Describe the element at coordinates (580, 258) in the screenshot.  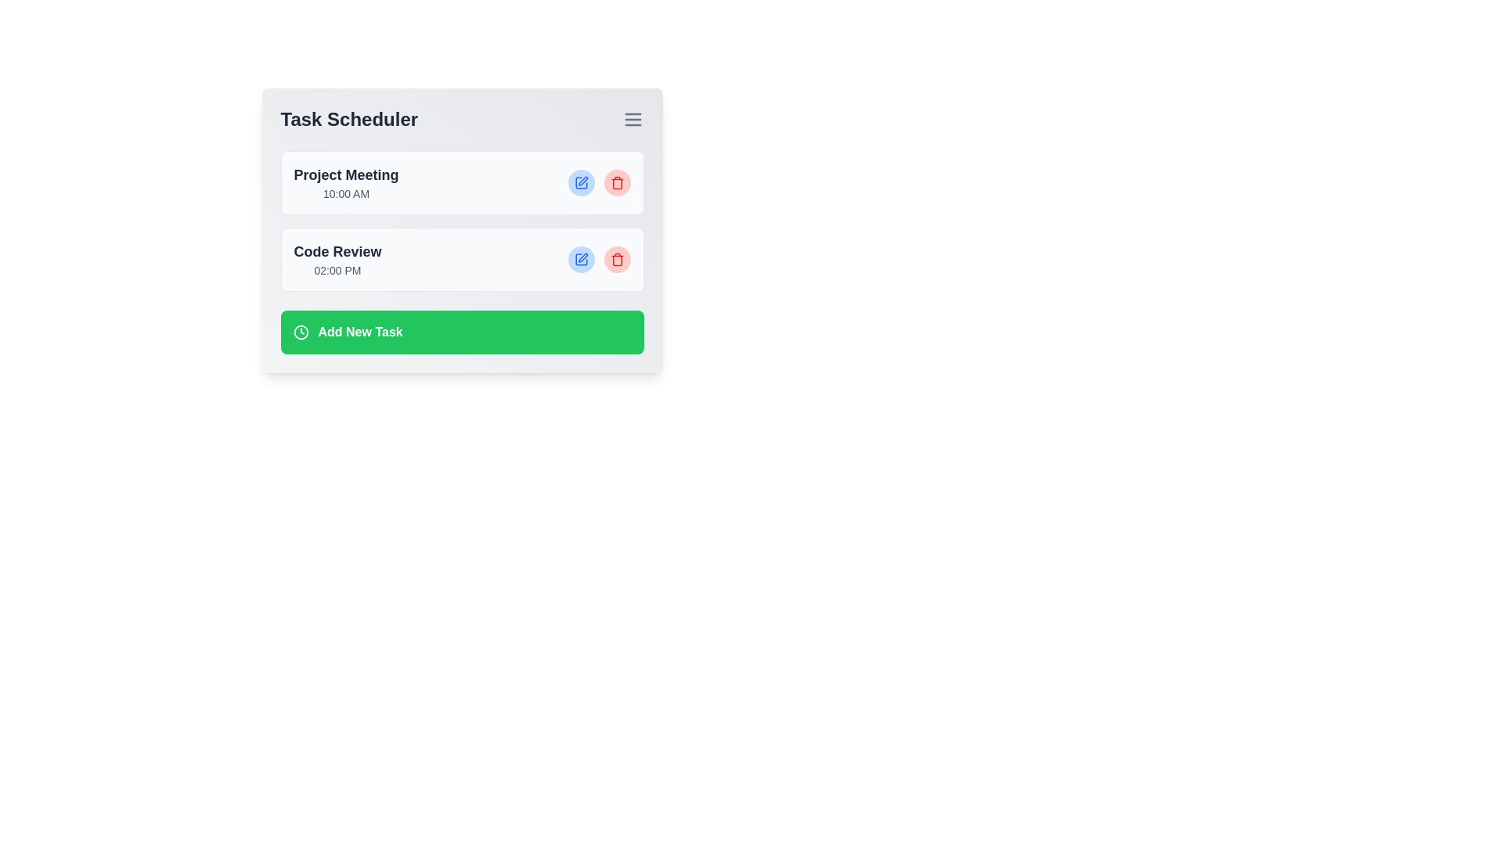
I see `the Edit button for the 'Code Review' task to initiate editing` at that location.